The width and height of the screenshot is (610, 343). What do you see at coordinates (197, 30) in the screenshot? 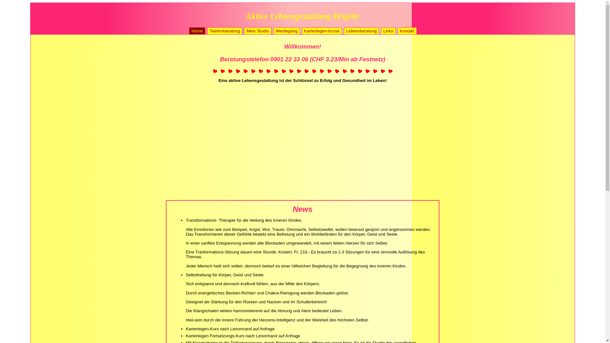
I see `'Home'` at bounding box center [197, 30].